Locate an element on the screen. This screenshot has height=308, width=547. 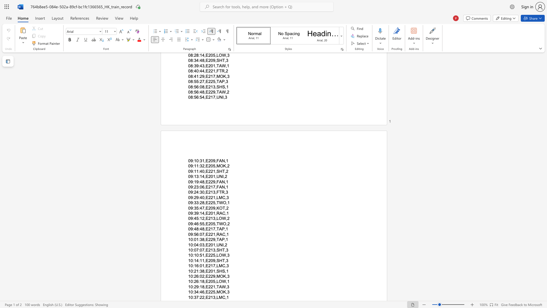
the subset text "MC," within the text "10:16:01,E217,LMC,3" is located at coordinates (219, 266).